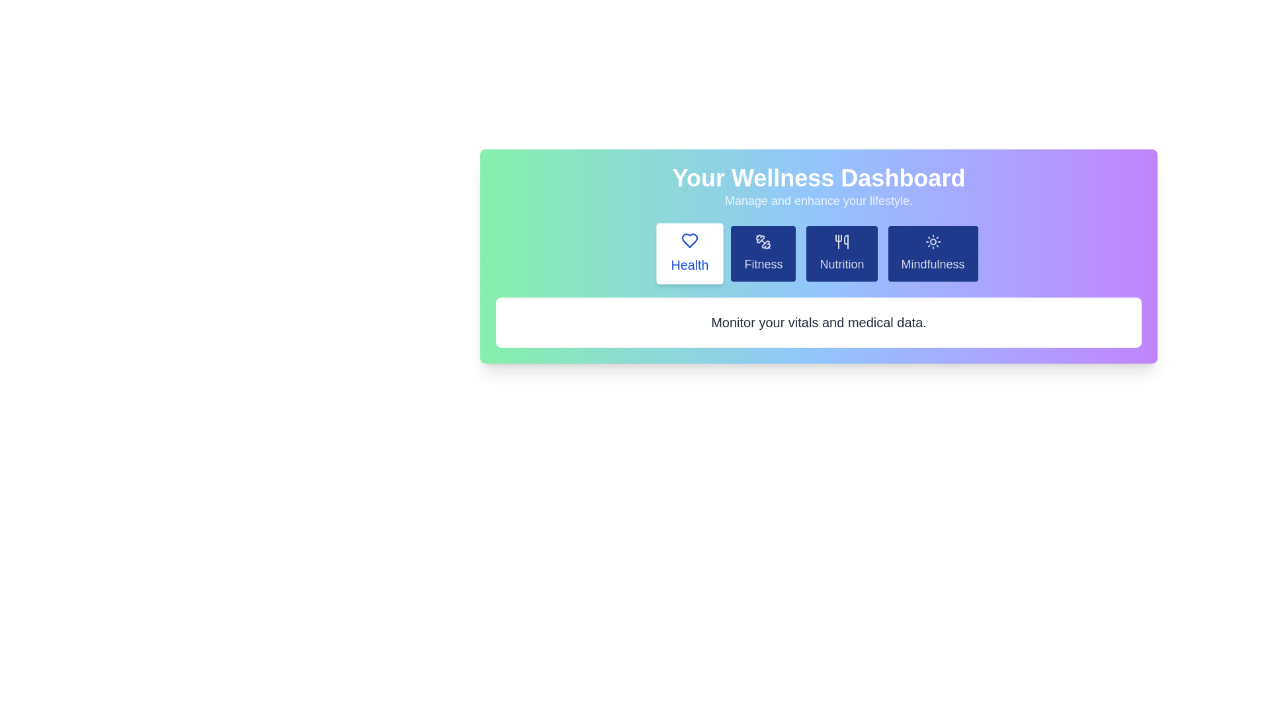 The image size is (1270, 714). Describe the element at coordinates (689, 240) in the screenshot. I see `the icon associated with the 'Health' tab to inspect it` at that location.